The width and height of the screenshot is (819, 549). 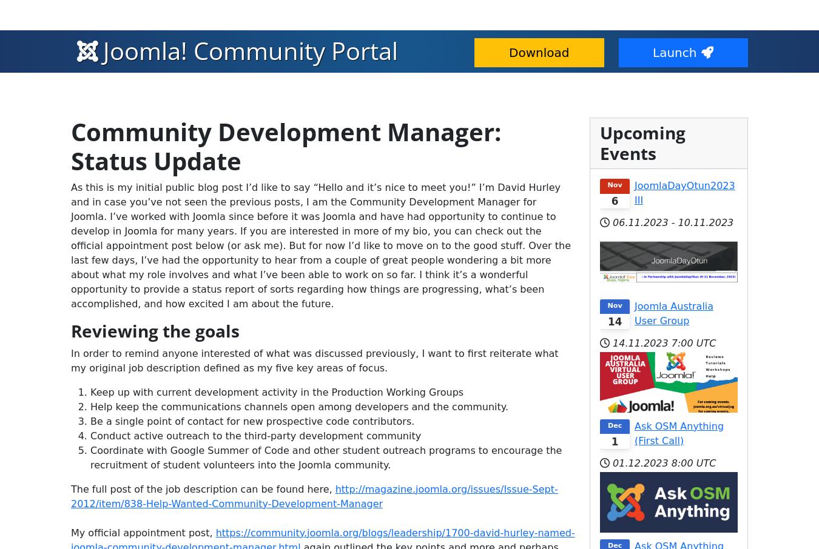 I want to click on 'Download & Extend', so click(x=98, y=14).